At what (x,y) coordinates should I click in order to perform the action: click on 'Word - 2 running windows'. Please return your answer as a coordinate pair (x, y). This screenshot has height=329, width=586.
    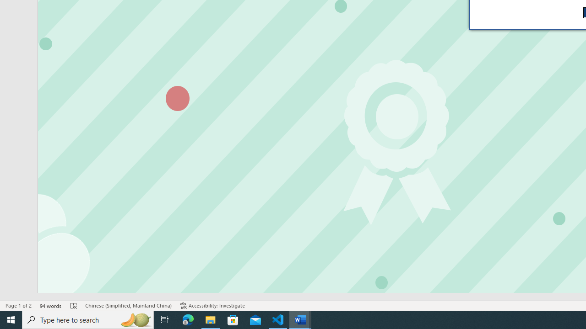
    Looking at the image, I should click on (300, 319).